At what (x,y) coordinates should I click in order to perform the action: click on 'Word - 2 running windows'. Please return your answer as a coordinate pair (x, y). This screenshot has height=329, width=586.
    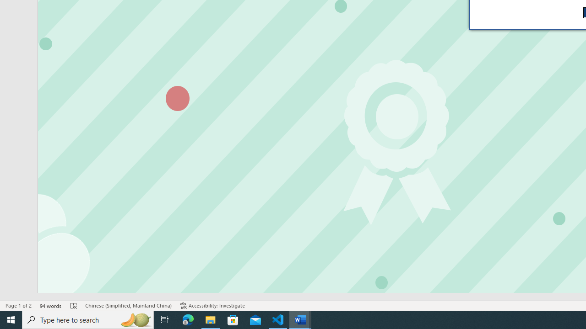
    Looking at the image, I should click on (300, 319).